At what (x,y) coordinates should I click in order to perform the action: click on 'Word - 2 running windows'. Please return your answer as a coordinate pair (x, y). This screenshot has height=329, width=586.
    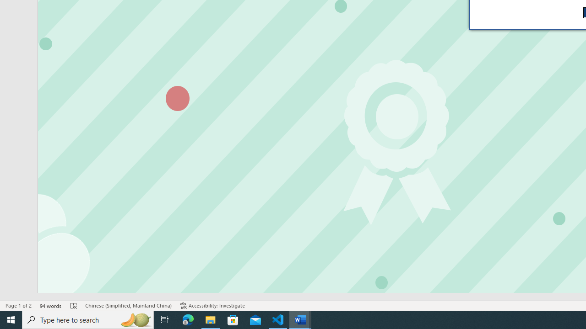
    Looking at the image, I should click on (300, 319).